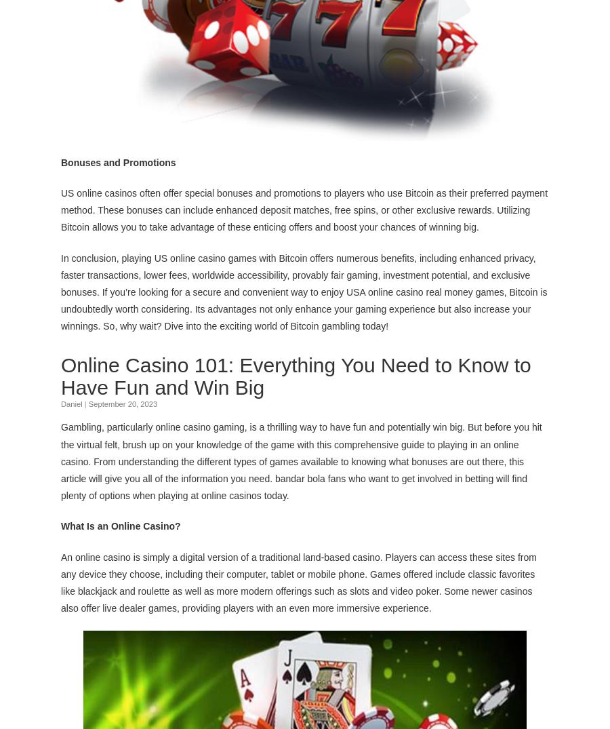 The height and width of the screenshot is (729, 610). What do you see at coordinates (60, 525) in the screenshot?
I see `'What Is an Online Casino?'` at bounding box center [60, 525].